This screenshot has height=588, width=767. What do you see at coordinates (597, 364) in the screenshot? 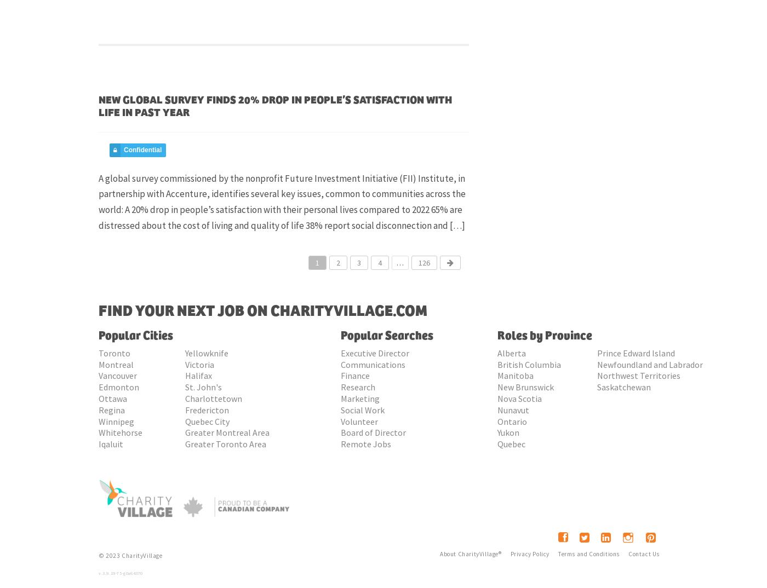
I see `'Newfoundland and Labrador'` at bounding box center [597, 364].